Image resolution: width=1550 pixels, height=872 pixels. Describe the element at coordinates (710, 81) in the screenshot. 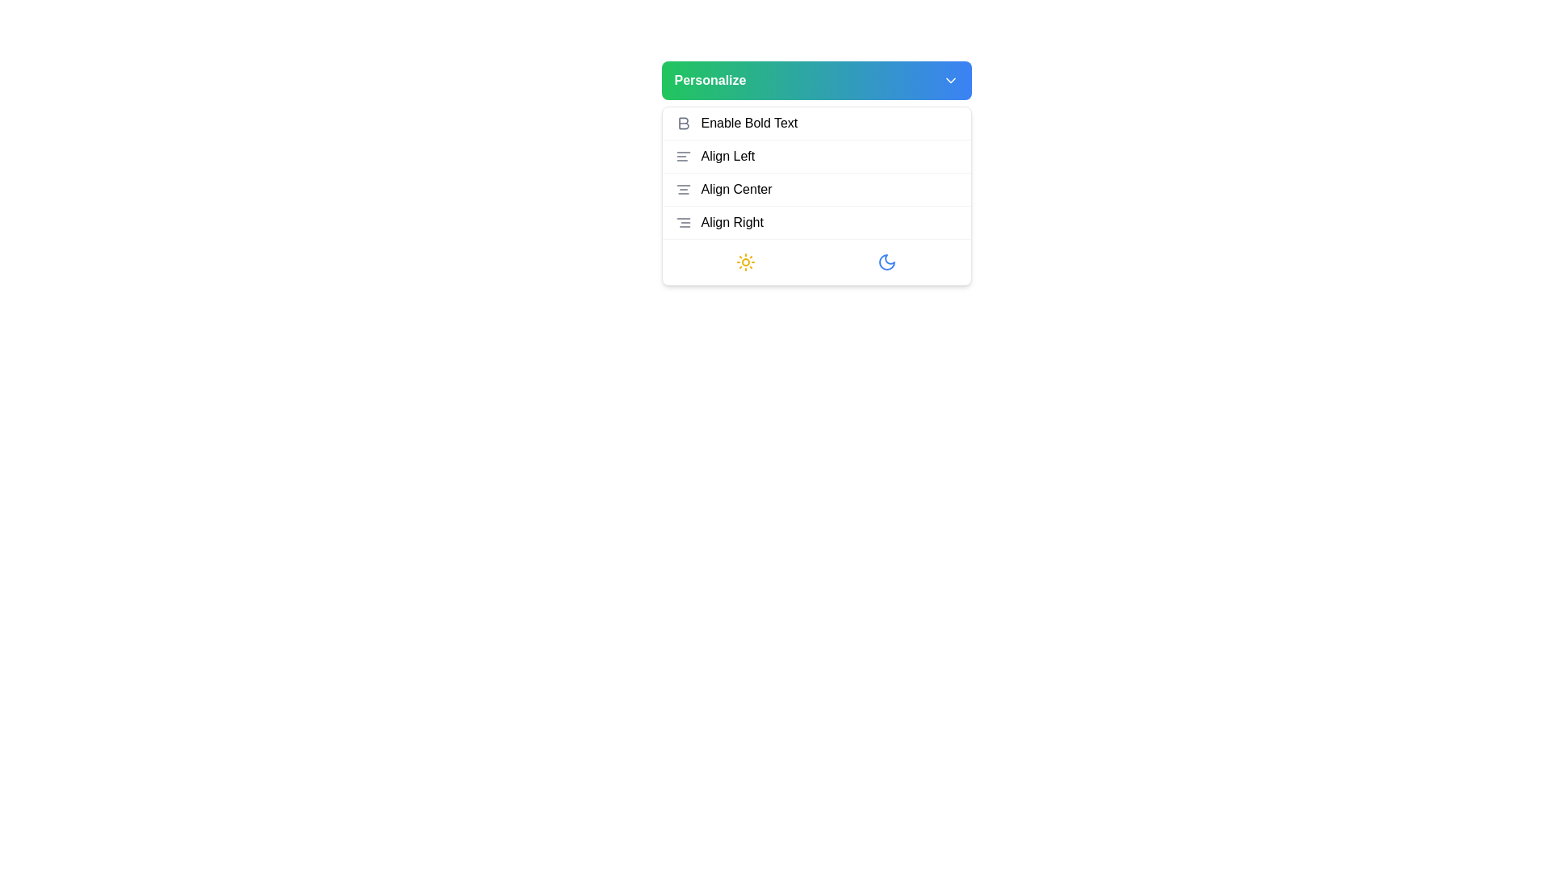

I see `text label within the button located at the top of the interface, positioned on the left side next to an SVG icon` at that location.